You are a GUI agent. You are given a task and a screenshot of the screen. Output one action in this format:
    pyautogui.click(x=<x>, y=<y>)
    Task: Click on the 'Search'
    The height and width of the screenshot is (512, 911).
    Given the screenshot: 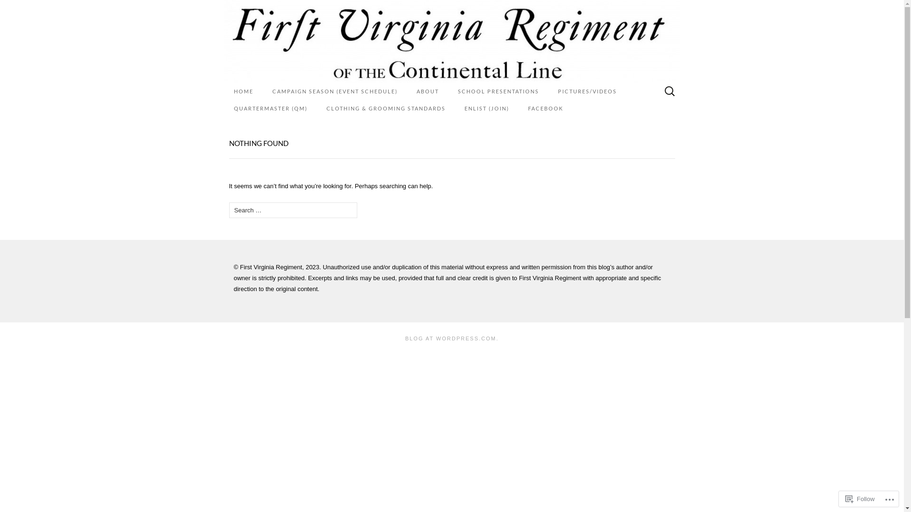 What is the action you would take?
    pyautogui.click(x=0, y=8)
    